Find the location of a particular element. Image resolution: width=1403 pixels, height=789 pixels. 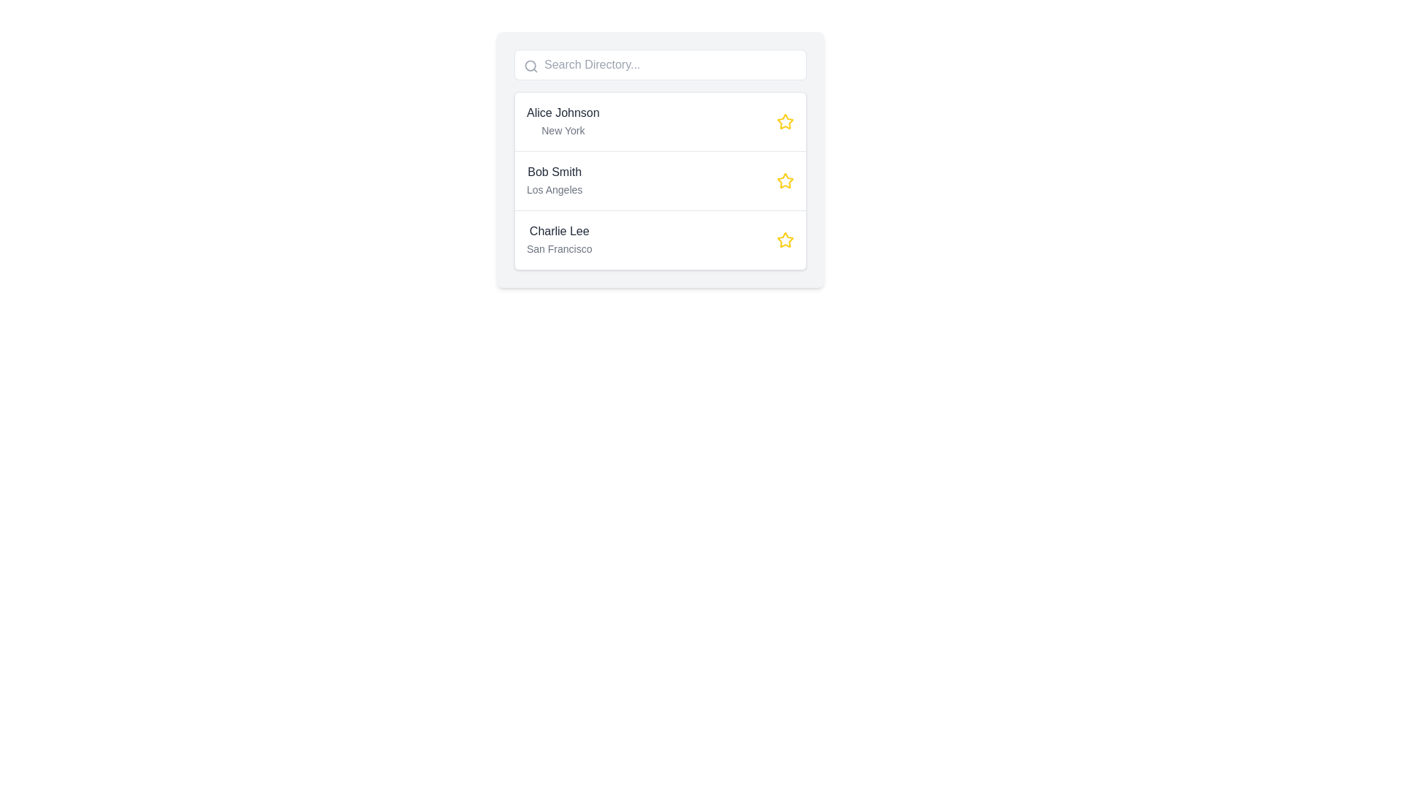

the second list item representing a user's profile entry, located between 'Alice Johnson' and 'Charlie Lee' is located at coordinates (659, 180).